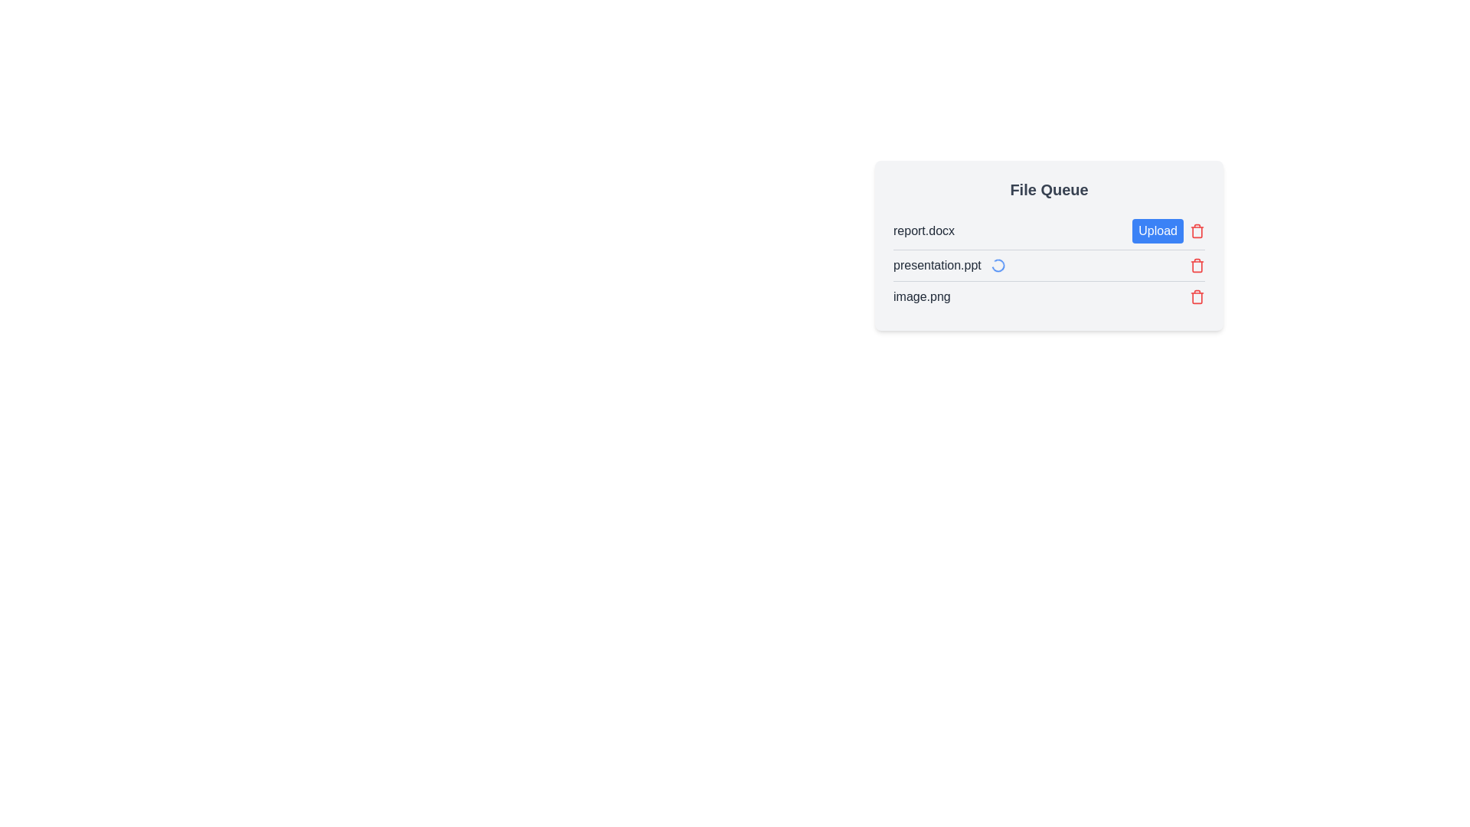 The width and height of the screenshot is (1470, 827). What do you see at coordinates (1197, 265) in the screenshot?
I see `the red trash bin icon with a circular marking` at bounding box center [1197, 265].